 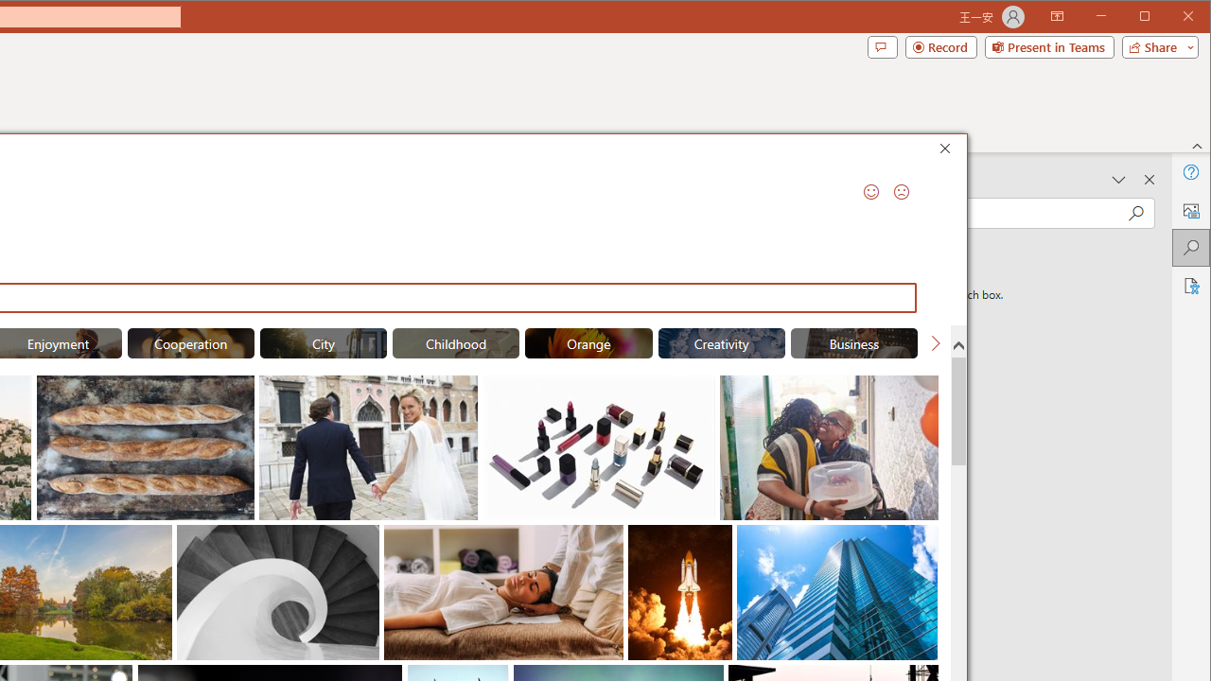 What do you see at coordinates (190, 342) in the screenshot?
I see `'"Cooperation" Stock Images.'` at bounding box center [190, 342].